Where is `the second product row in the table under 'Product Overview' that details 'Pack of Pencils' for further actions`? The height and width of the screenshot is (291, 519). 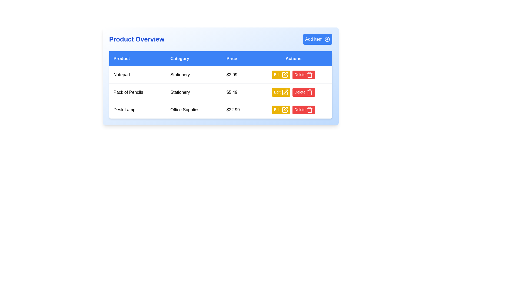 the second product row in the table under 'Product Overview' that details 'Pack of Pencils' for further actions is located at coordinates (221, 92).